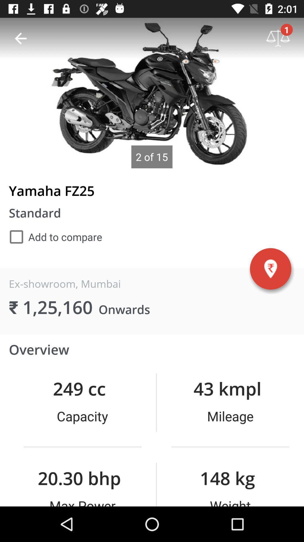 Image resolution: width=304 pixels, height=542 pixels. I want to click on image, so click(152, 93).